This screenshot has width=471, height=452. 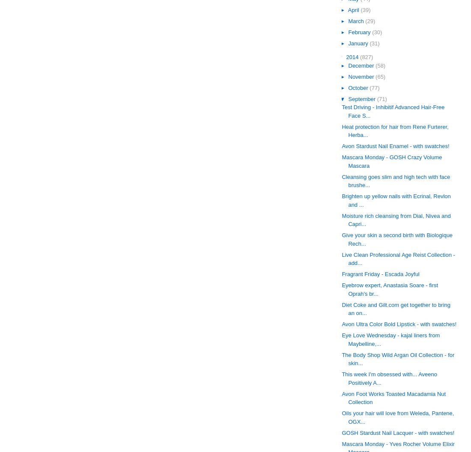 What do you see at coordinates (380, 274) in the screenshot?
I see `'Fragrant Friday - Escada Joyful'` at bounding box center [380, 274].